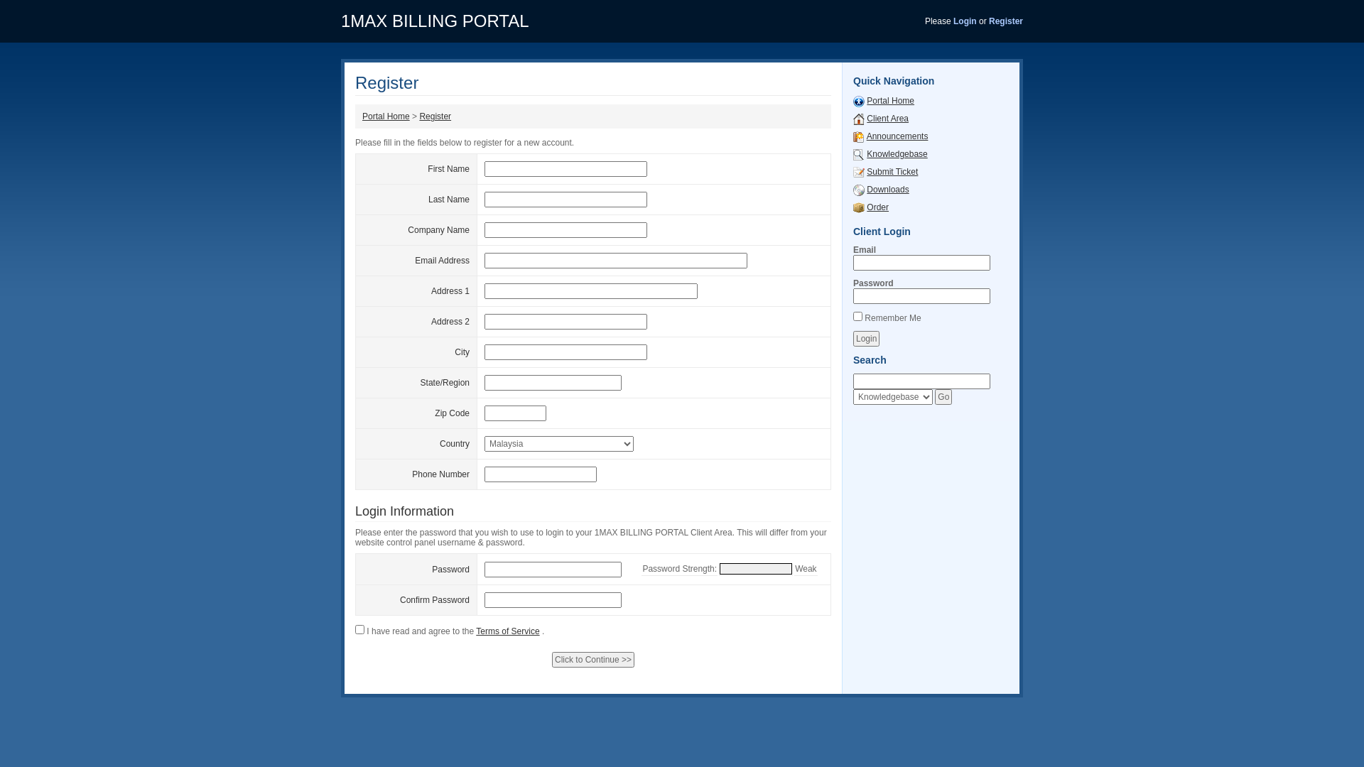 The width and height of the screenshot is (1364, 767). Describe the element at coordinates (858, 136) in the screenshot. I see `'Announcements'` at that location.